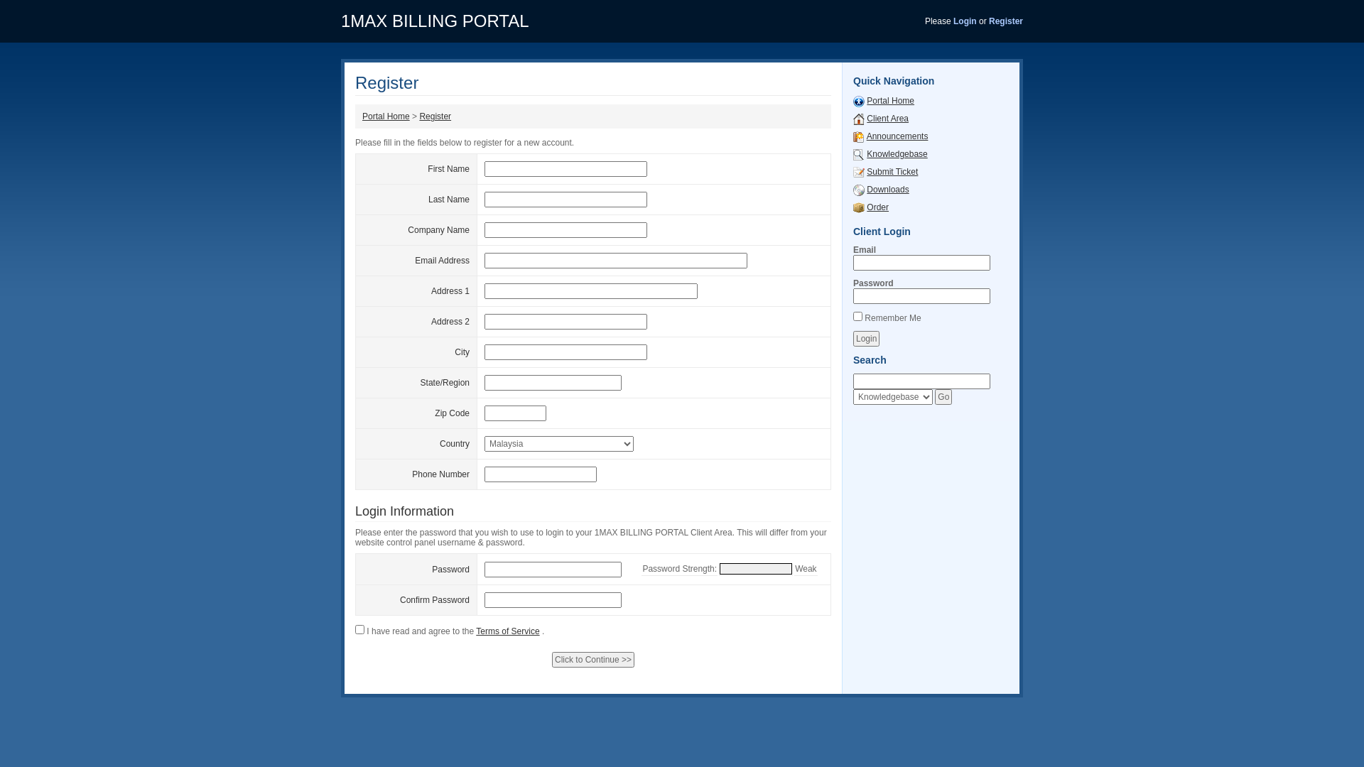 The width and height of the screenshot is (1364, 767). Describe the element at coordinates (858, 136) in the screenshot. I see `'Announcements'` at that location.